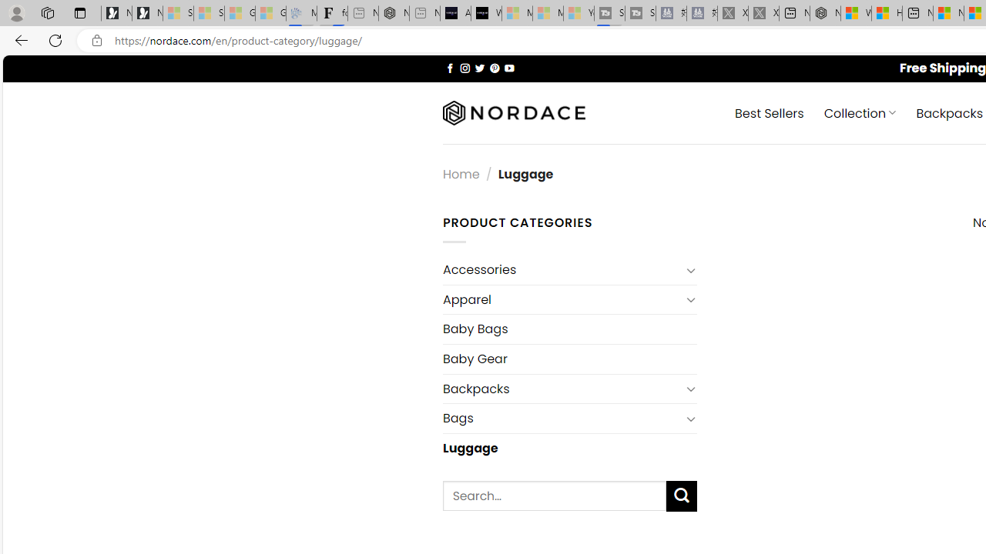  Describe the element at coordinates (568, 329) in the screenshot. I see `'Baby Bags'` at that location.